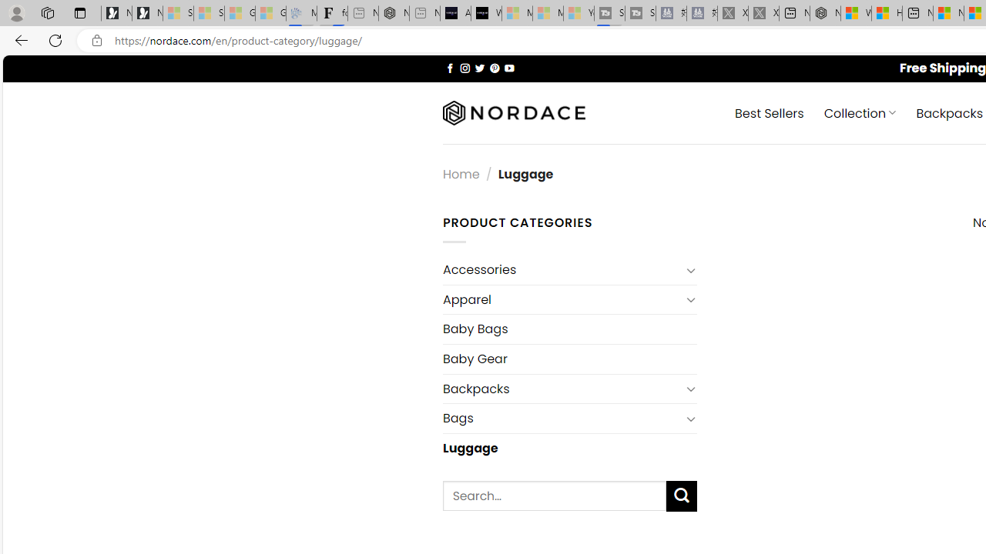  Describe the element at coordinates (568, 329) in the screenshot. I see `'Baby Bags'` at that location.